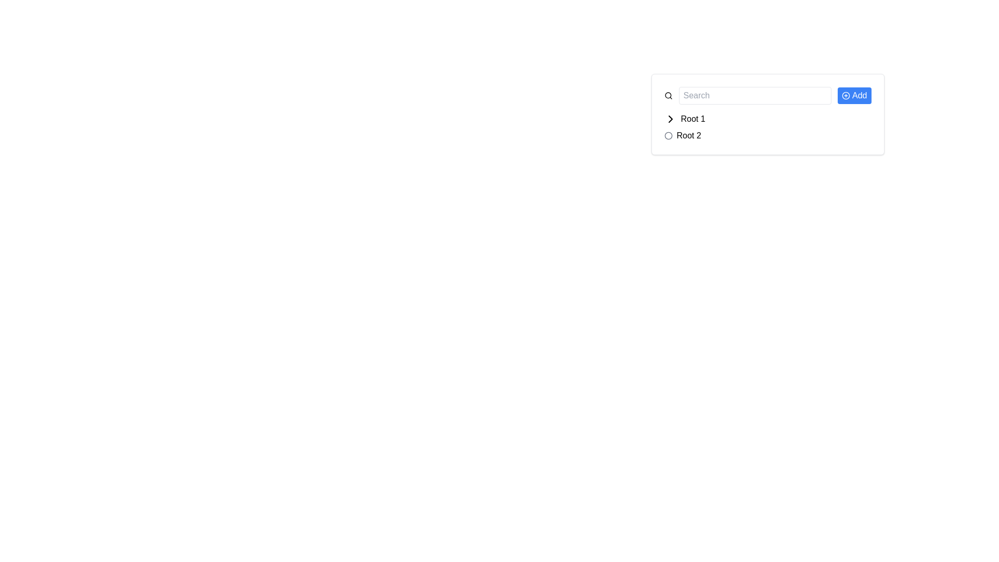  What do you see at coordinates (846, 96) in the screenshot?
I see `the decorative graphical element forming part of the '+' icon within the 'Add' button, located at the top-right corner of the component group` at bounding box center [846, 96].